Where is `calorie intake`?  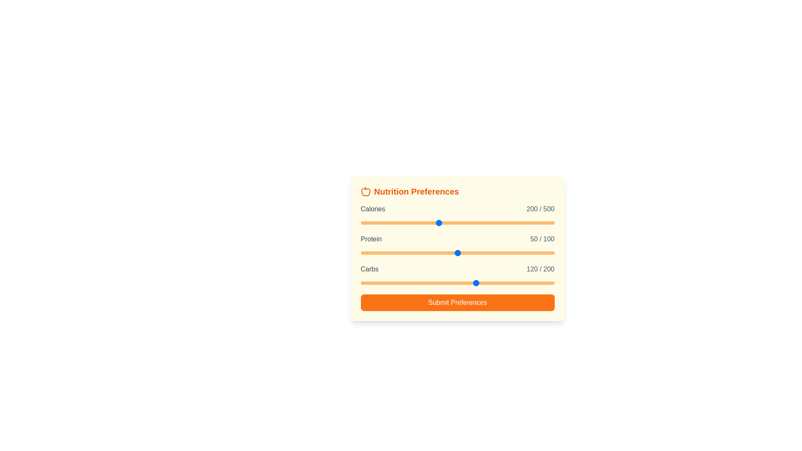
calorie intake is located at coordinates (478, 222).